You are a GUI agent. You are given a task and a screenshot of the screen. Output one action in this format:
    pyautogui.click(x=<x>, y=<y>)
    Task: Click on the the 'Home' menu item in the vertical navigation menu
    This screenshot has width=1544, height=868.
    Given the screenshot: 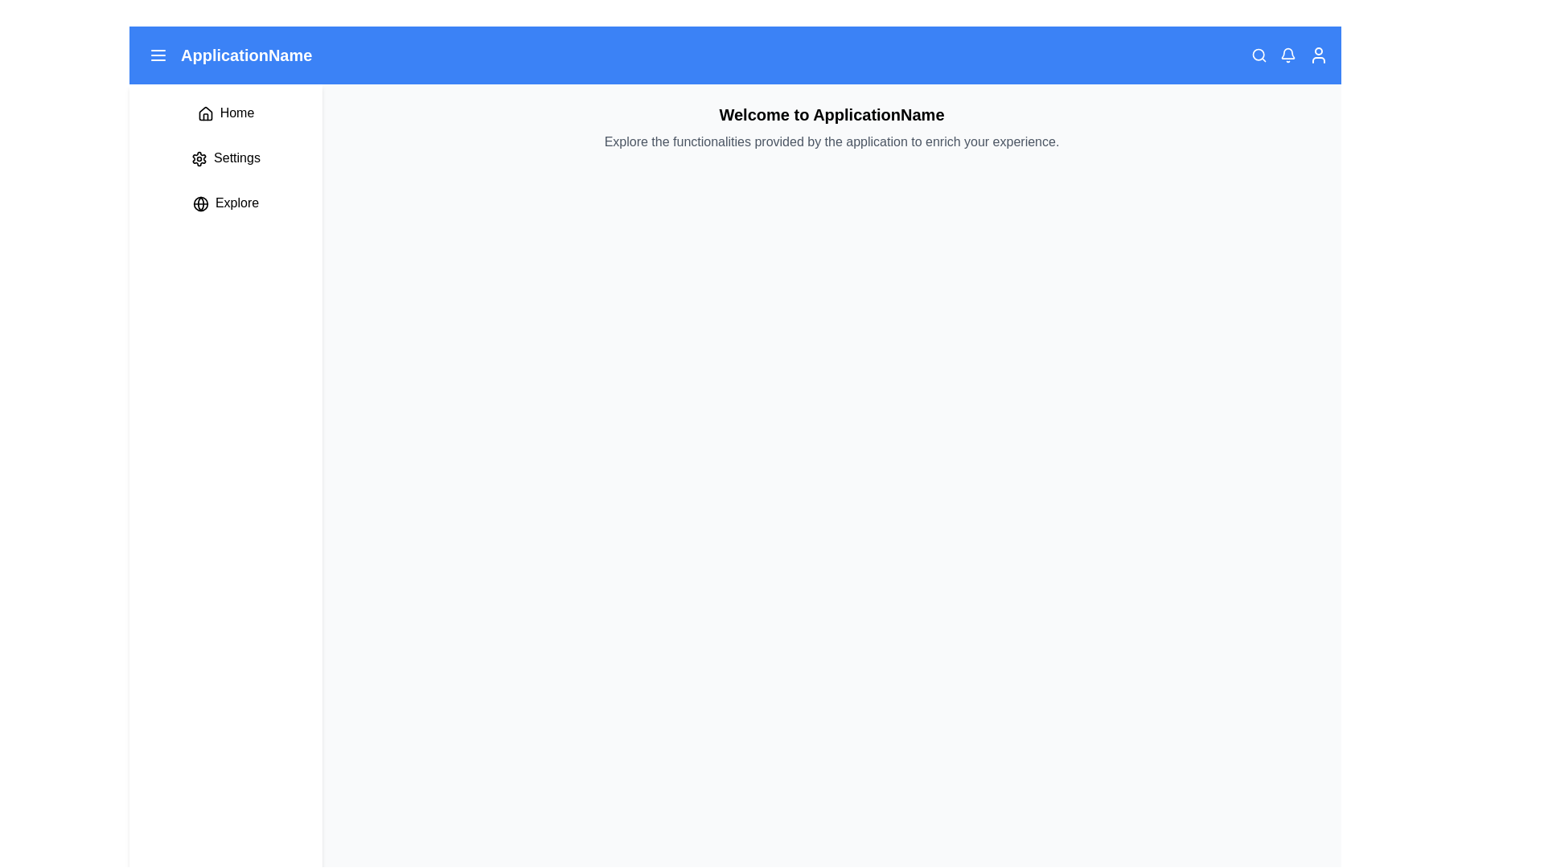 What is the action you would take?
    pyautogui.click(x=225, y=113)
    